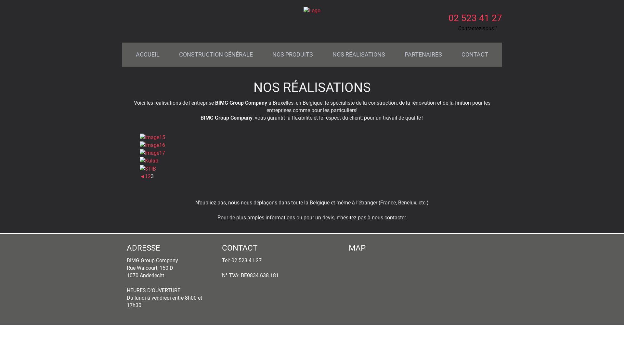 The image size is (624, 351). Describe the element at coordinates (423, 54) in the screenshot. I see `'PARTENAIRES'` at that location.